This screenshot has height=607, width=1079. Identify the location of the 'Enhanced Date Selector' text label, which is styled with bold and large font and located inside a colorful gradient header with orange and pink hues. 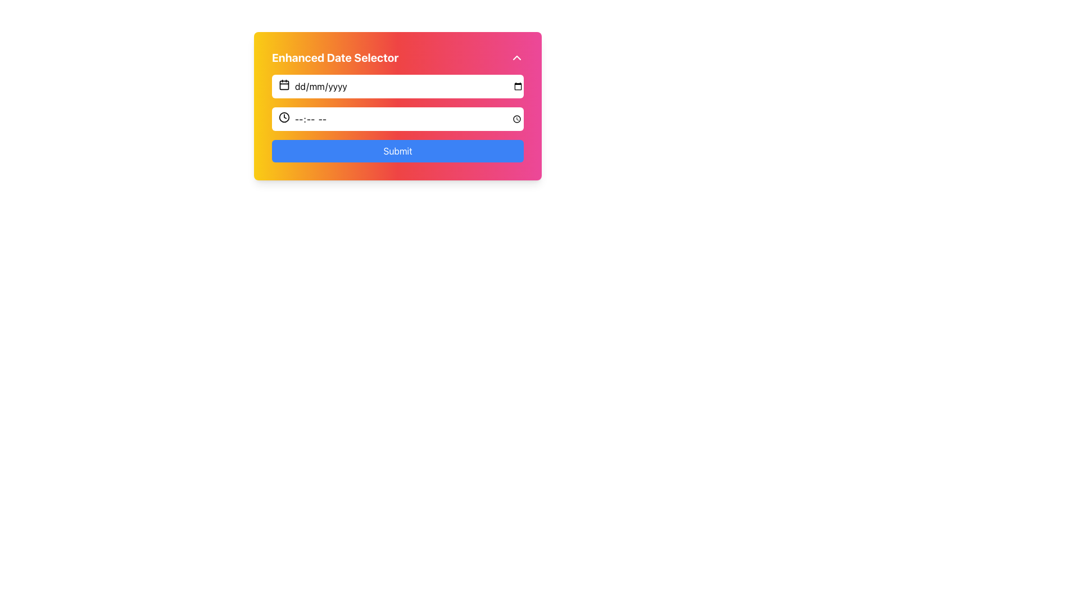
(334, 58).